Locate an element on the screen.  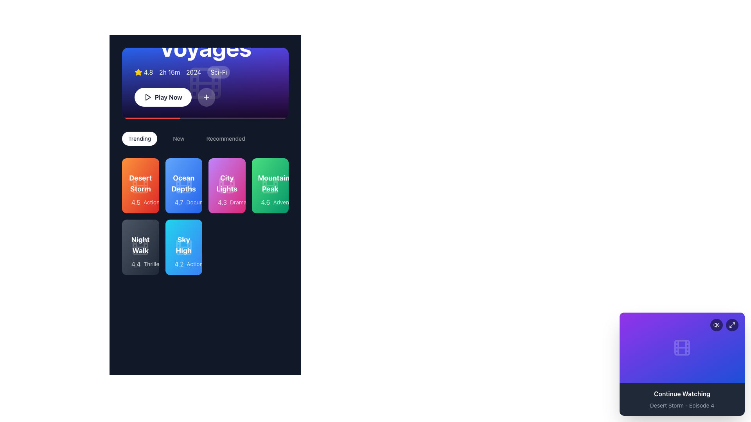
the film frame icon located centrally within the green card labeled 'Mountain Peak', which is the fourth item in the first row of content cards, below the 'Trending' tab is located at coordinates (270, 186).